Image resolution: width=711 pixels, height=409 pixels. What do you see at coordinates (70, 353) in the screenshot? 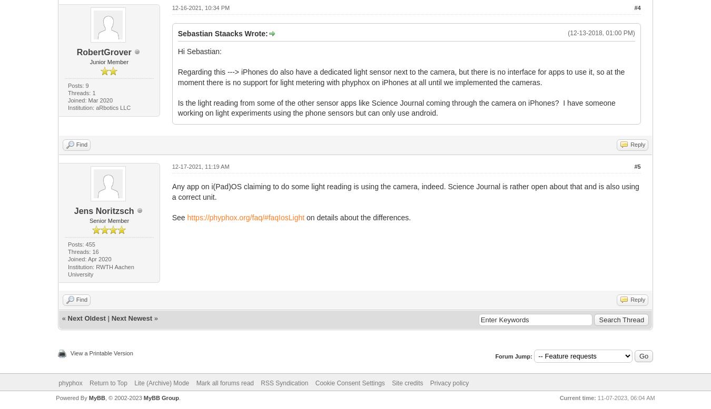
I see `'View a Printable Version'` at bounding box center [70, 353].